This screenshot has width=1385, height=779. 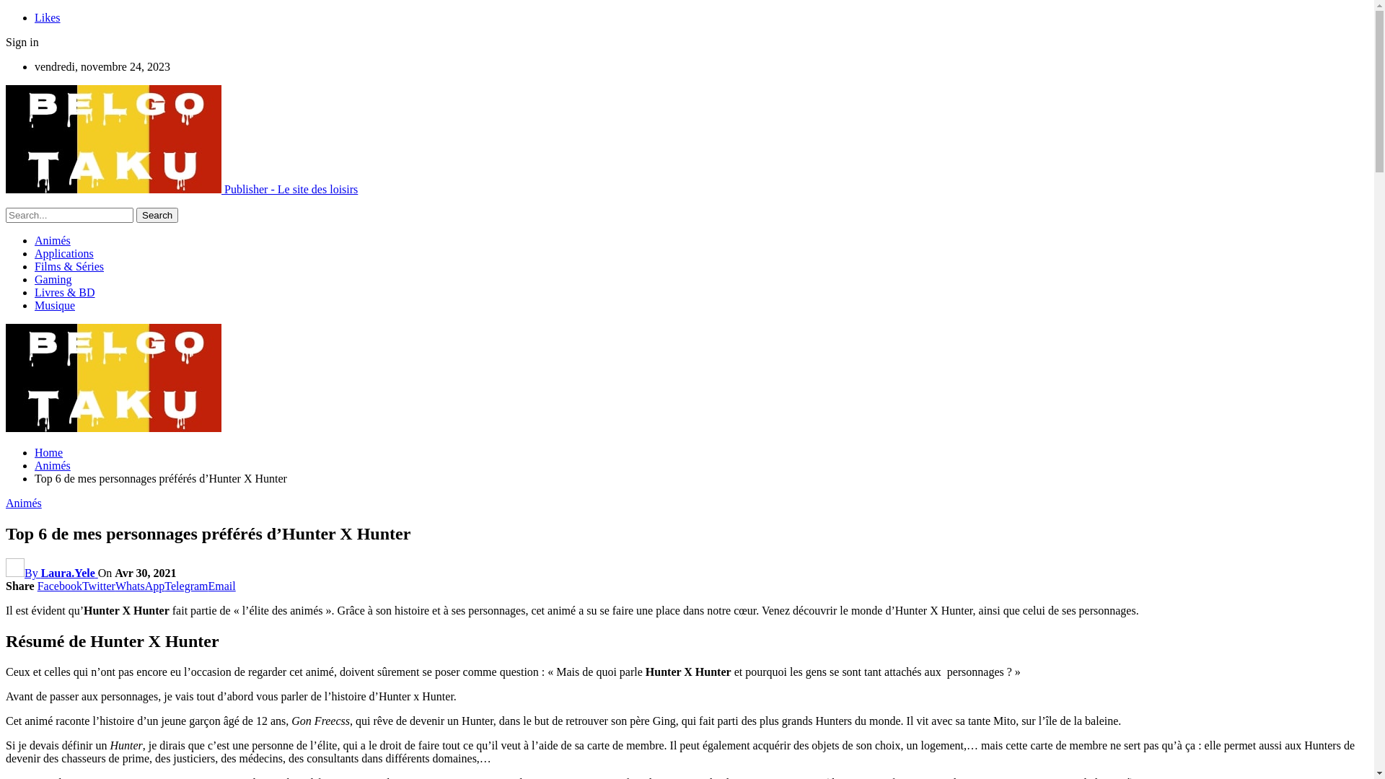 What do you see at coordinates (58, 586) in the screenshot?
I see `'Facebook'` at bounding box center [58, 586].